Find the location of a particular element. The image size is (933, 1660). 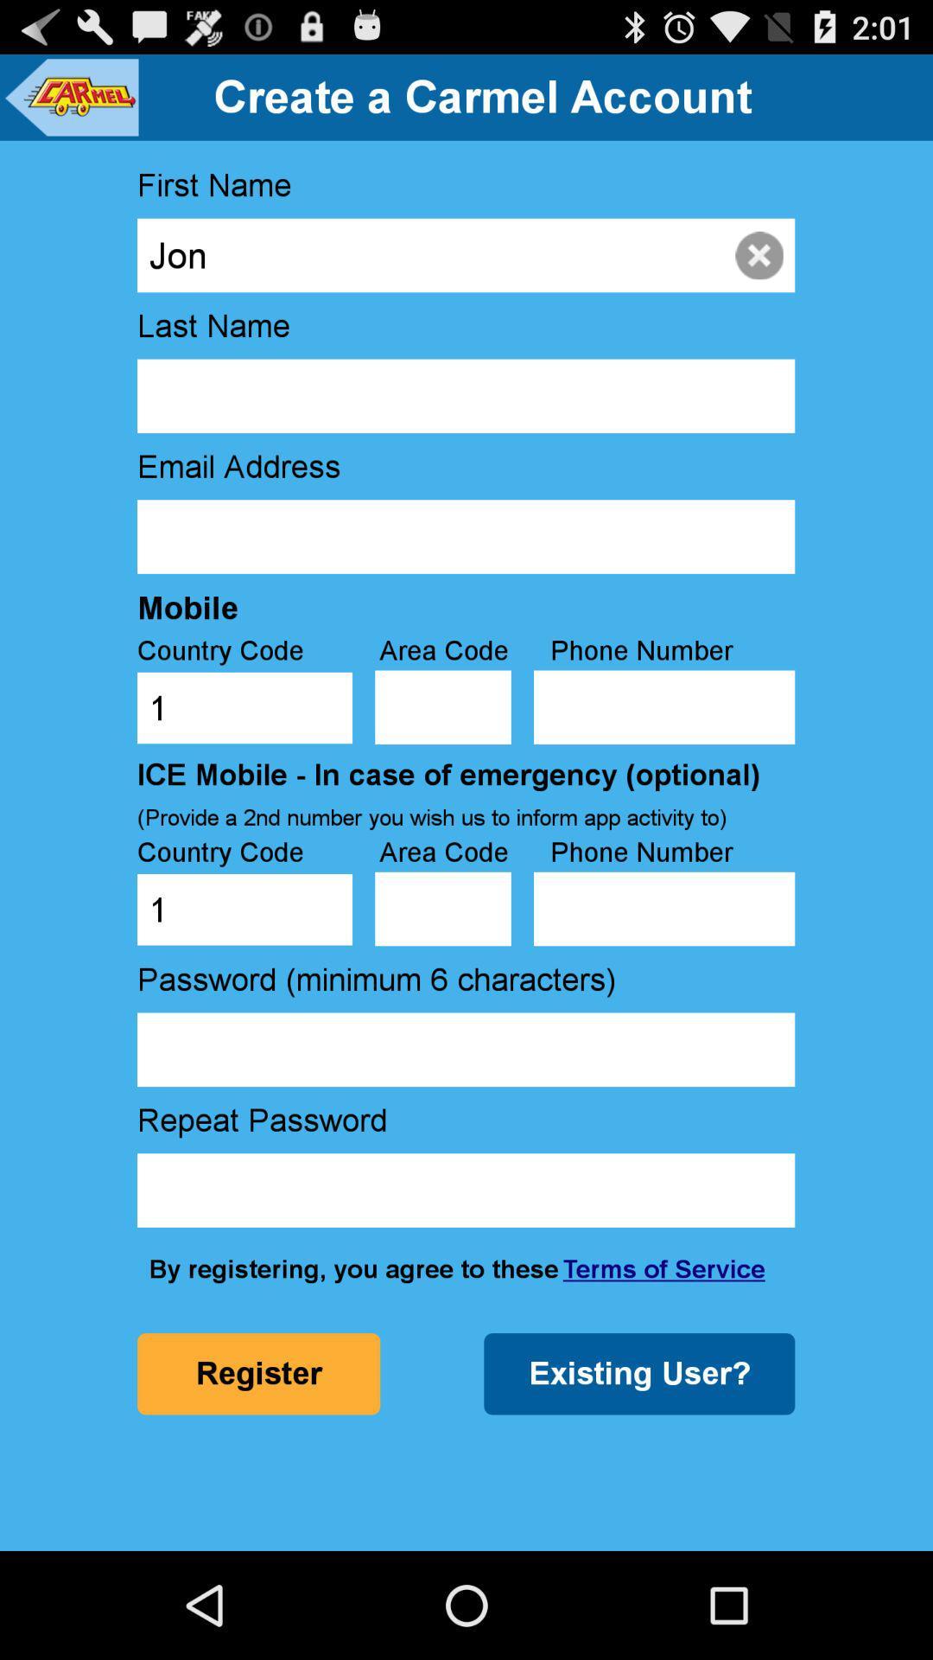

the terms of service item is located at coordinates (663, 1269).